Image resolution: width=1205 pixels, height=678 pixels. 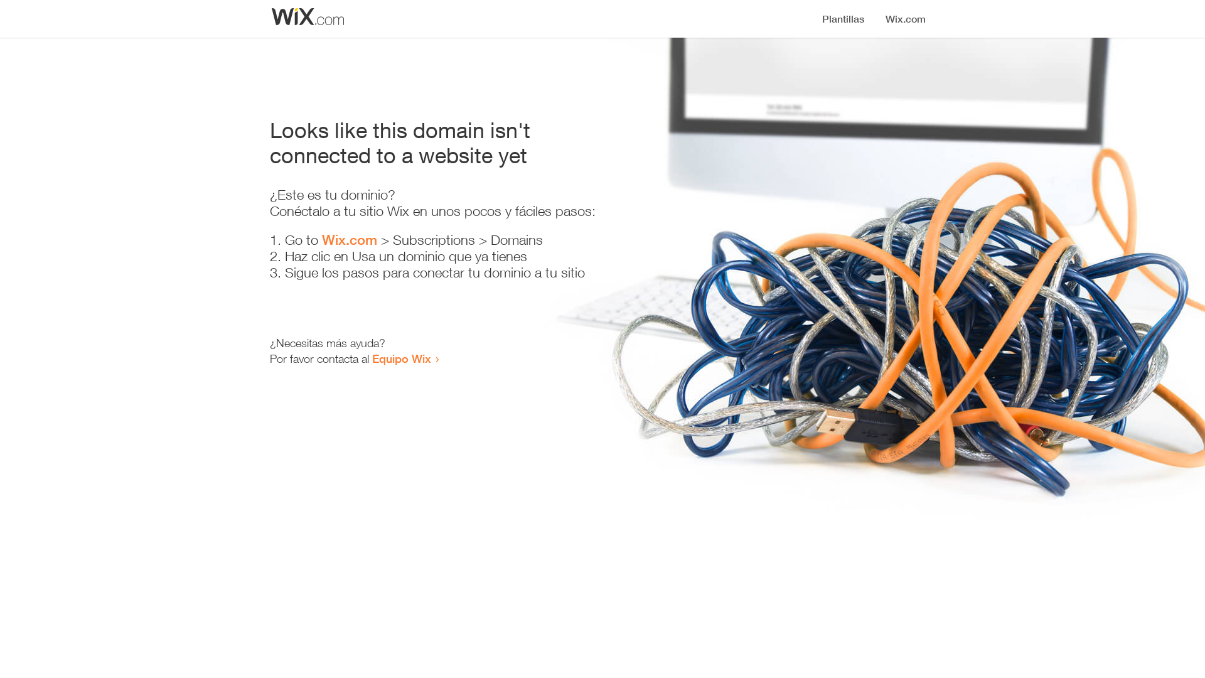 I want to click on 'Wix.com', so click(x=349, y=239).